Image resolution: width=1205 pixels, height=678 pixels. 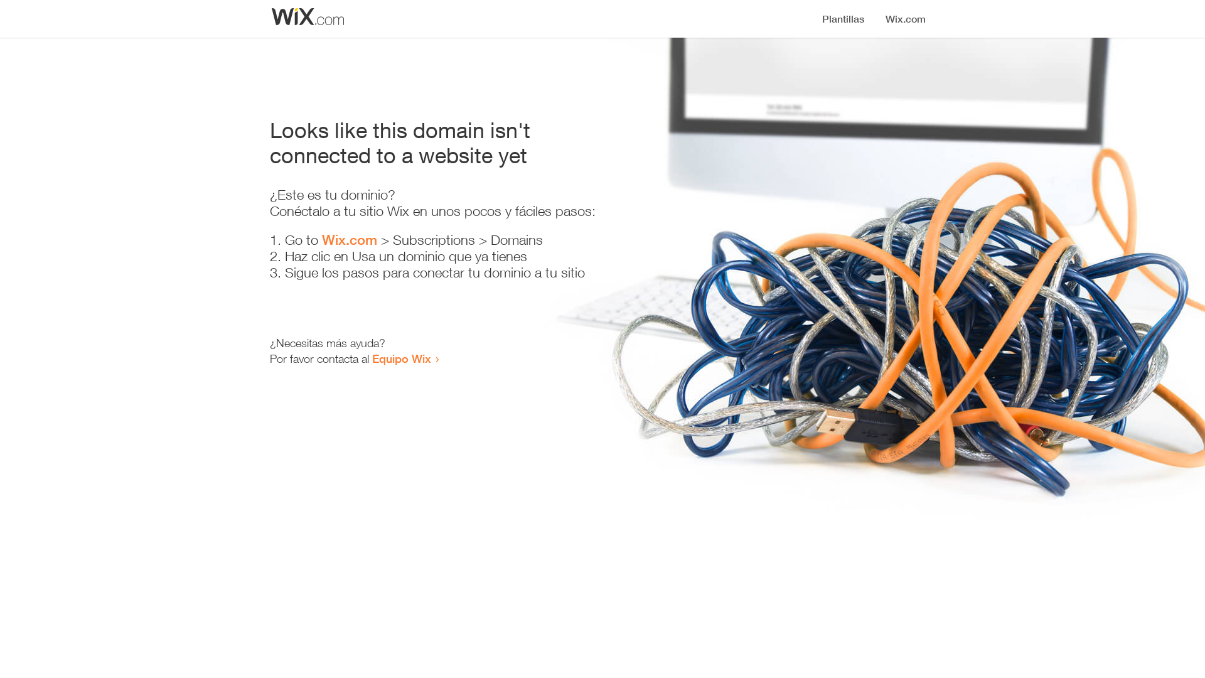 I want to click on 'Wix.com', so click(x=349, y=239).